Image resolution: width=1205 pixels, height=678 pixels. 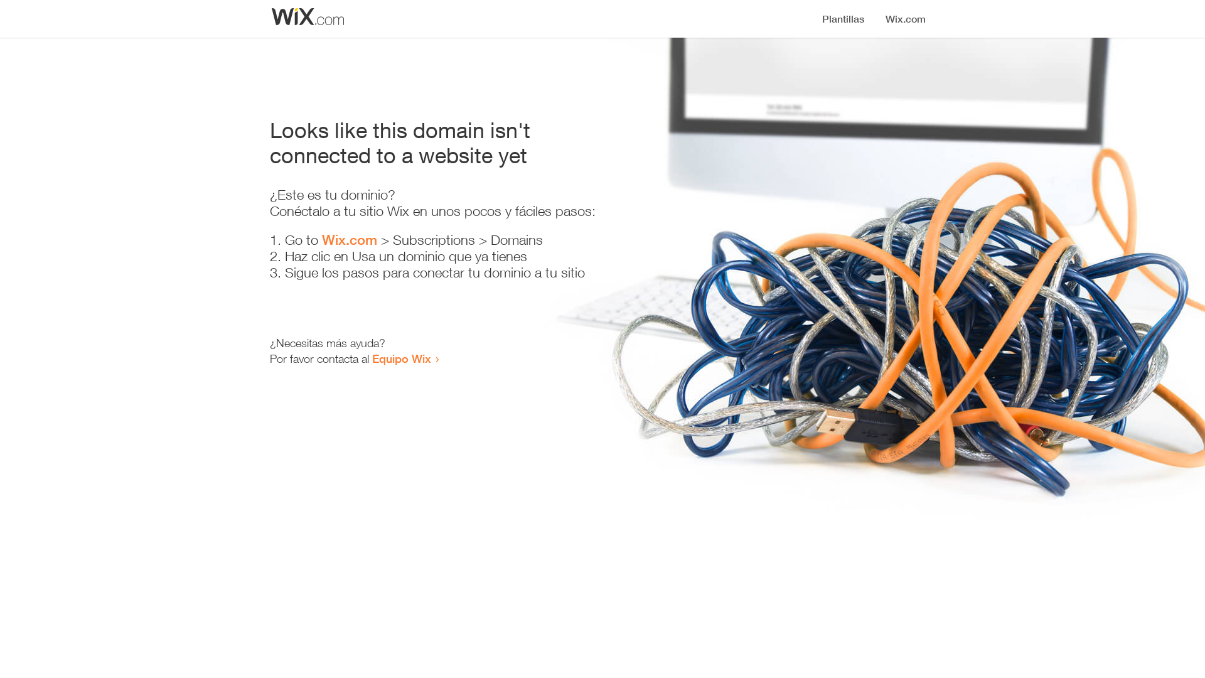 I want to click on 'Wix.com', so click(x=349, y=239).